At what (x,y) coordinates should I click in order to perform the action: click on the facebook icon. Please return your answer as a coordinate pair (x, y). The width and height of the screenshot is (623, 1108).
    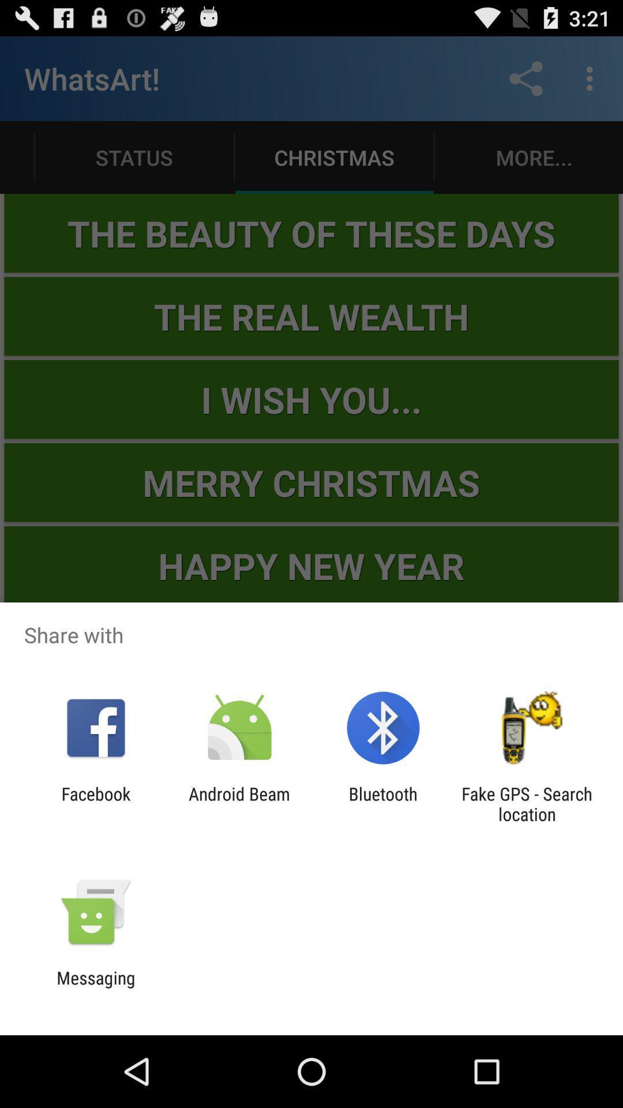
    Looking at the image, I should click on (95, 803).